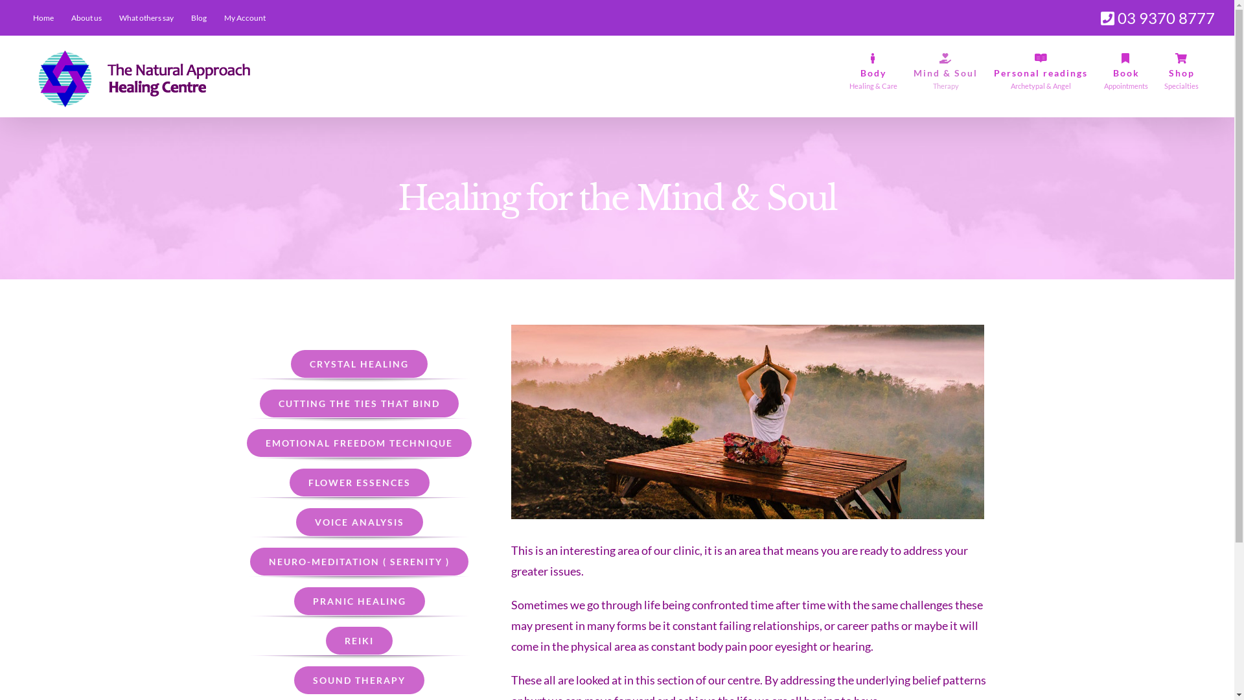 The image size is (1244, 700). I want to click on 'CRYSTAL HEALING', so click(359, 364).